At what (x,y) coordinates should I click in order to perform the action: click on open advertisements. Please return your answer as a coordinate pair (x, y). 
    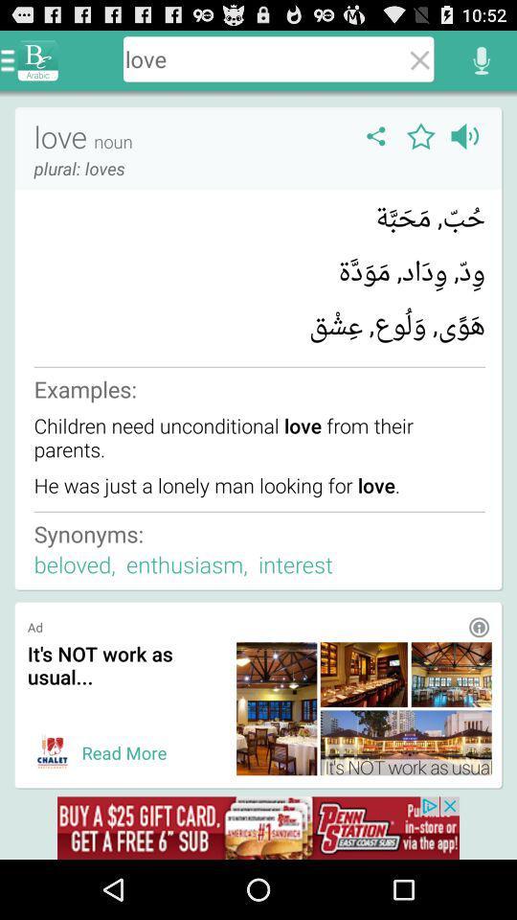
    Looking at the image, I should click on (258, 827).